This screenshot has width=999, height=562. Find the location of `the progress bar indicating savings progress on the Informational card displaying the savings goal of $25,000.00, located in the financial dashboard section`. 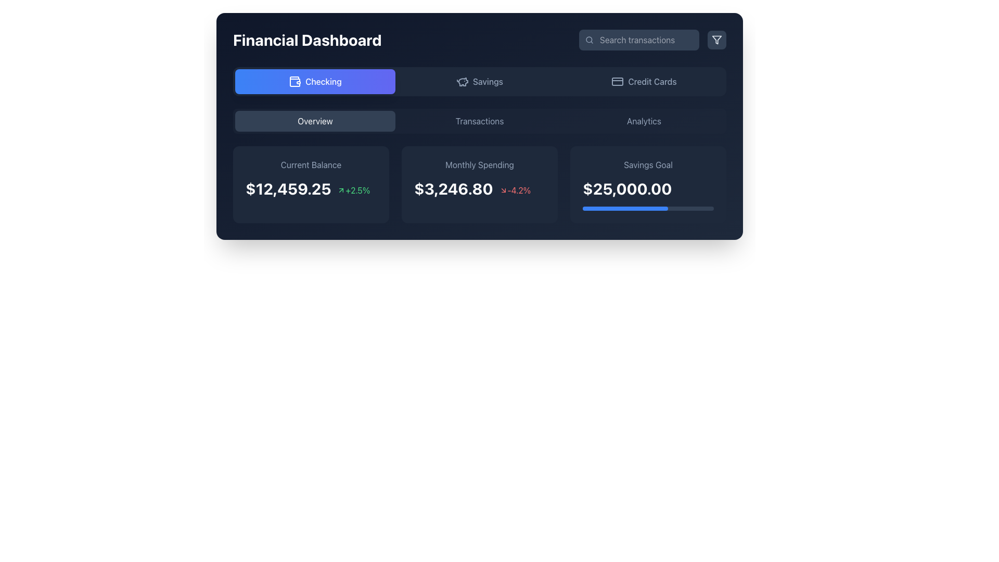

the progress bar indicating savings progress on the Informational card displaying the savings goal of $25,000.00, located in the financial dashboard section is located at coordinates (648, 184).